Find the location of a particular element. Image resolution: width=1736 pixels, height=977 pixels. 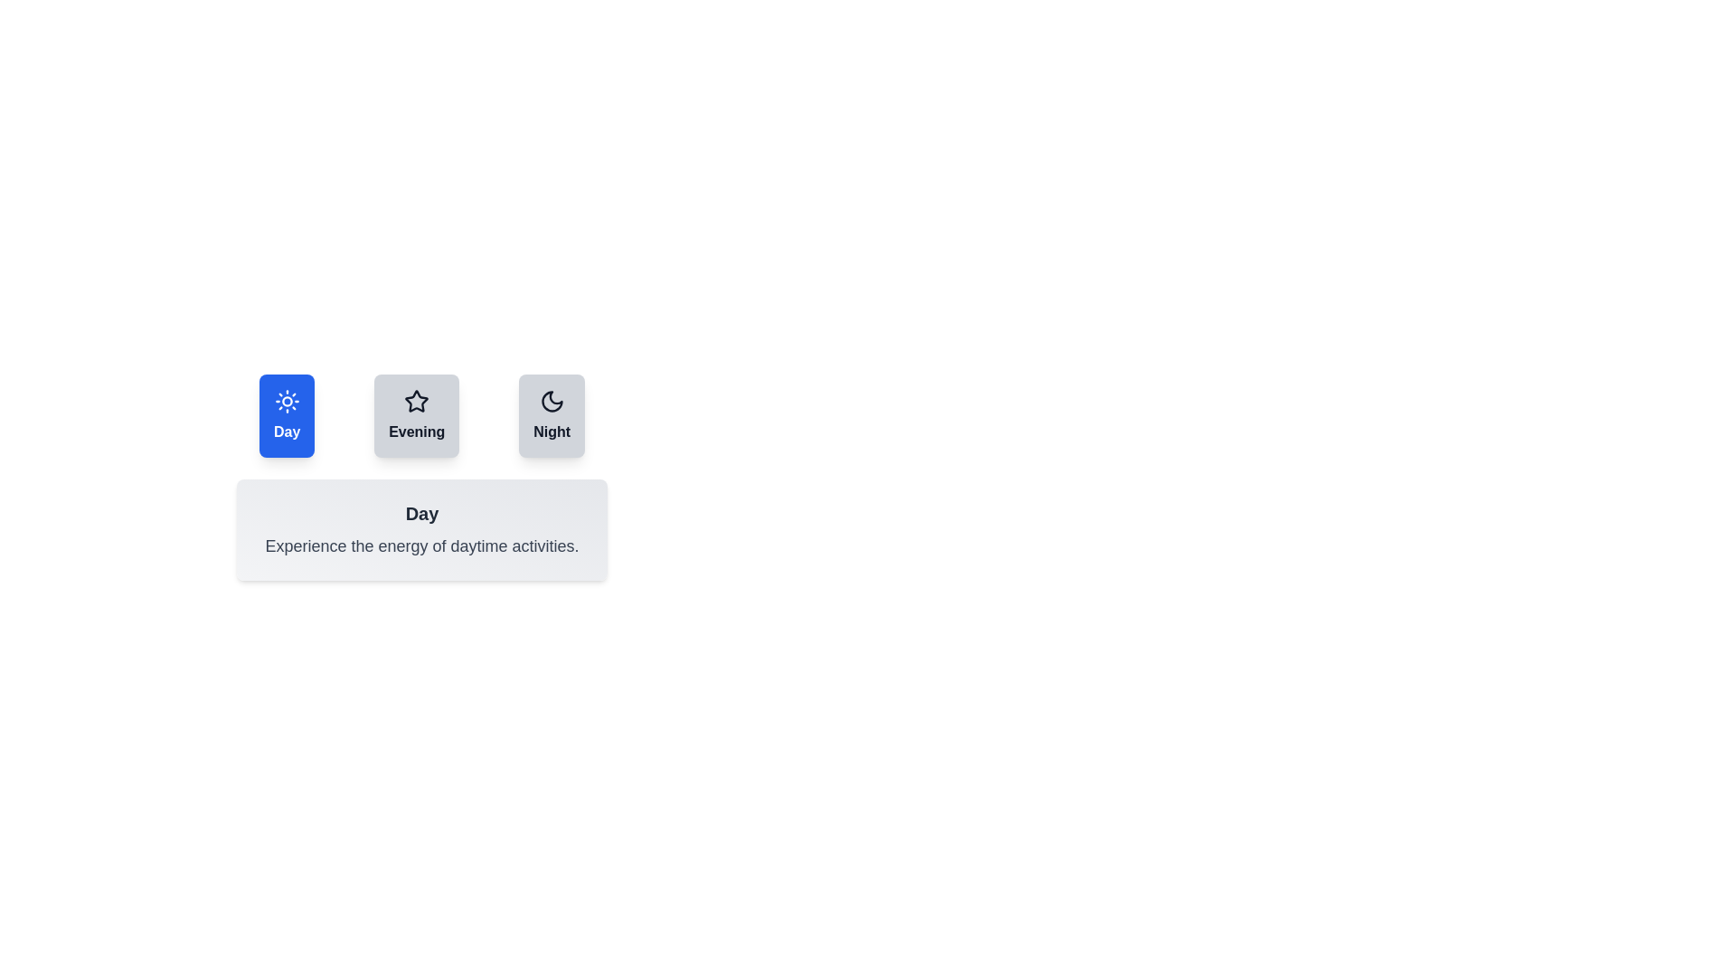

the tab labeled Evening to activate it is located at coordinates (416, 415).